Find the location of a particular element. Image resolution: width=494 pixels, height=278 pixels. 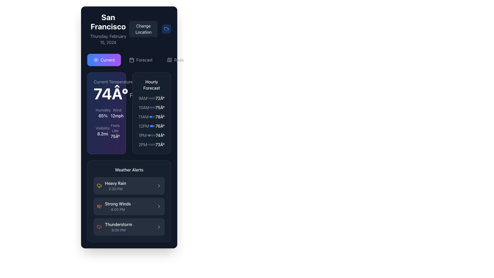

the progress bar associated with the '10AM' hourly forecast, which is a thin, horizontal bar filled partially from the left side with a dark gray background and a bright blue fill, located to the right of the '10AM' text and the cloud icon is located at coordinates (153, 107).